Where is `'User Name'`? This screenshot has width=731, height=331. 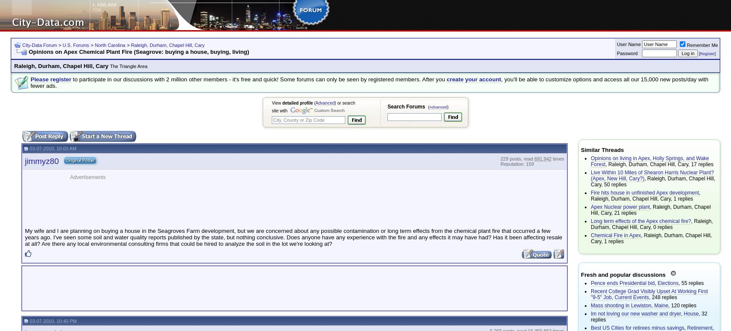
'User Name' is located at coordinates (628, 43).